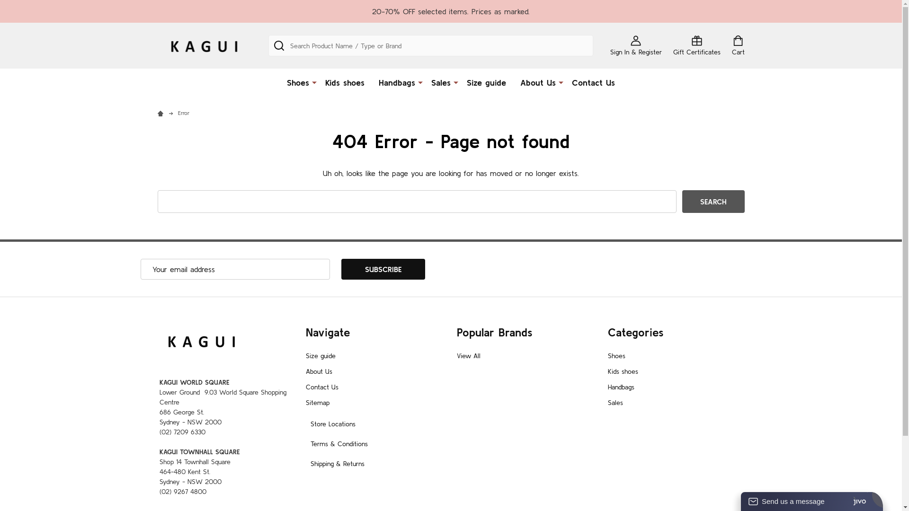 This screenshot has width=909, height=511. I want to click on 'Contact Us', so click(322, 387).